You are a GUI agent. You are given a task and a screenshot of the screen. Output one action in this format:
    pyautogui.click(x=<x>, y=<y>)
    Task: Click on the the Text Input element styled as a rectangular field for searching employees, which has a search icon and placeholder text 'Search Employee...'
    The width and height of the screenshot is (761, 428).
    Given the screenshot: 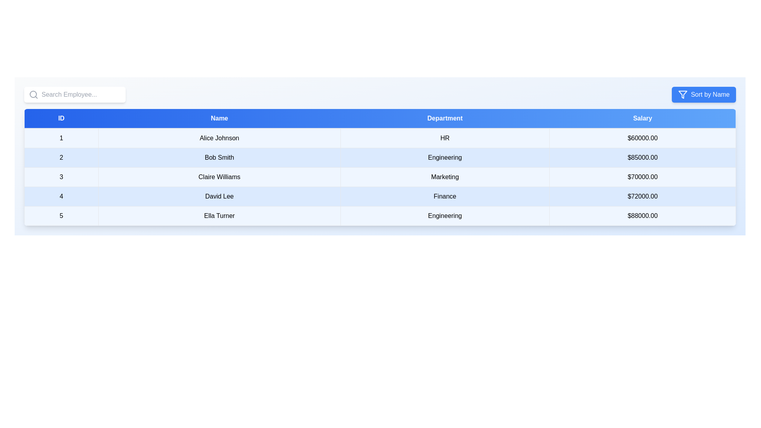 What is the action you would take?
    pyautogui.click(x=75, y=94)
    